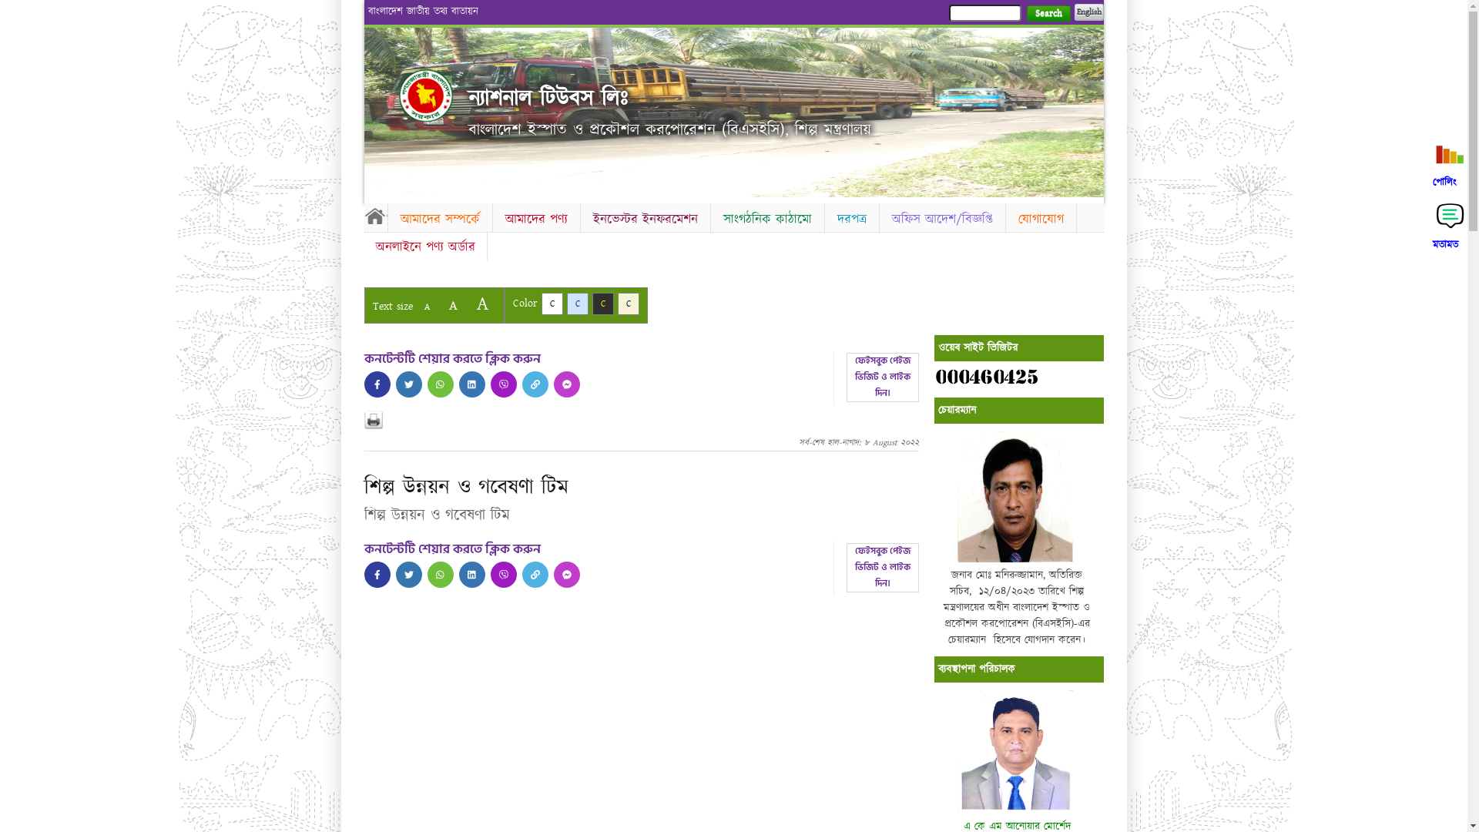 The image size is (1479, 832). What do you see at coordinates (984, 377) in the screenshot?
I see `'website counter'` at bounding box center [984, 377].